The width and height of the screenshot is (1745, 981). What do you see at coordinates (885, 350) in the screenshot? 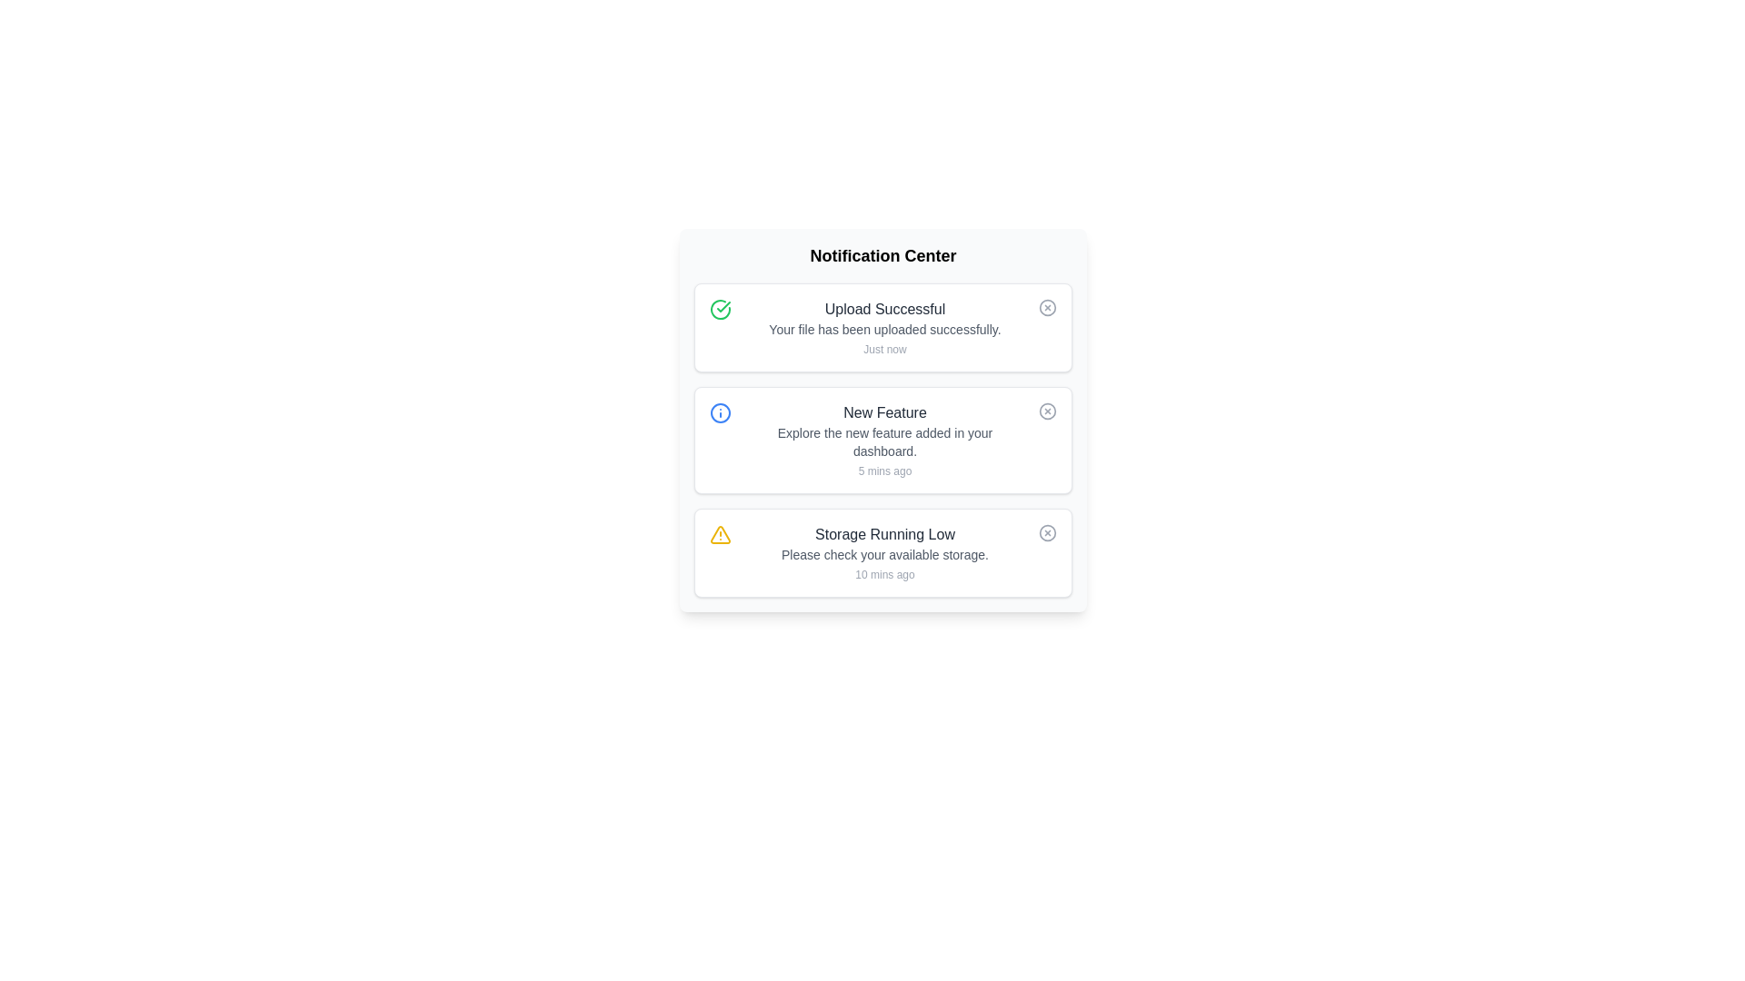
I see `the timestamp text label located within the first notification block in the Notification Center, which indicates when the upload was completed` at bounding box center [885, 350].